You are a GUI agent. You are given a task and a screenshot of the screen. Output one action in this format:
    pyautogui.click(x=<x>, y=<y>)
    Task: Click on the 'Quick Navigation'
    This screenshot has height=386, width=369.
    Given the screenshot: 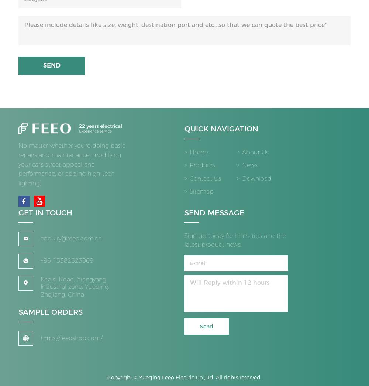 What is the action you would take?
    pyautogui.click(x=221, y=132)
    